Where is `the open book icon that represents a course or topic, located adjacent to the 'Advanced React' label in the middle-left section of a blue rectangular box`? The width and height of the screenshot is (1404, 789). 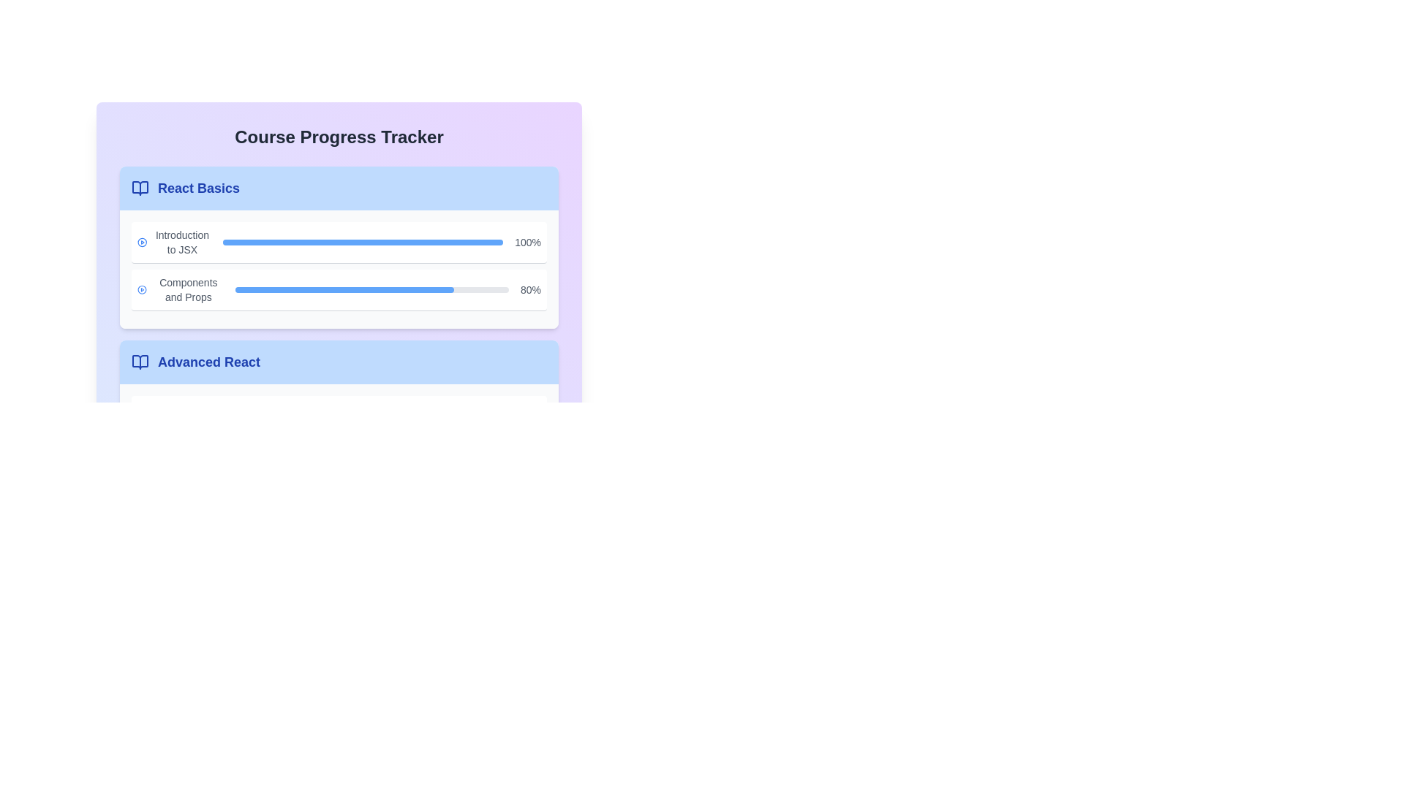
the open book icon that represents a course or topic, located adjacent to the 'Advanced React' label in the middle-left section of a blue rectangular box is located at coordinates (140, 362).